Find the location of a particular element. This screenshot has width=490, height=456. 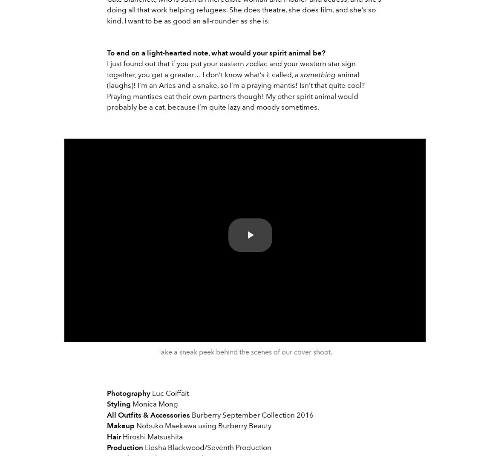

'Nobuko Maekawa using Burberry Beauty' is located at coordinates (135, 426).